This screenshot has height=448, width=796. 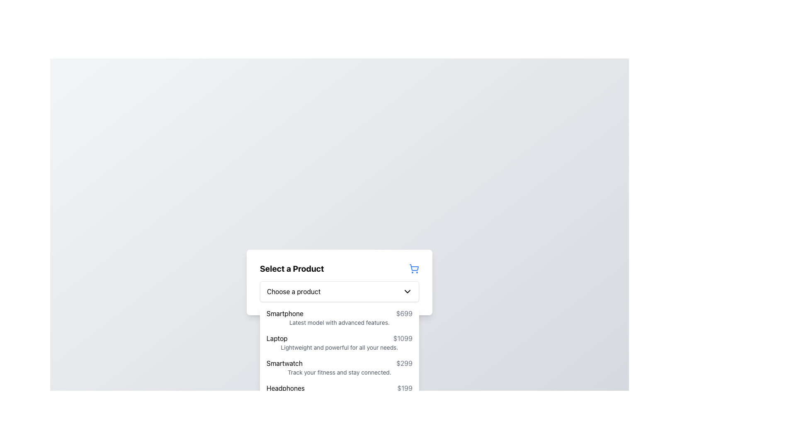 What do you see at coordinates (340, 372) in the screenshot?
I see `the Text label that provides additional information about the 'Smartwatch' product located below the product title and price in the dropdown-style product selection menu` at bounding box center [340, 372].